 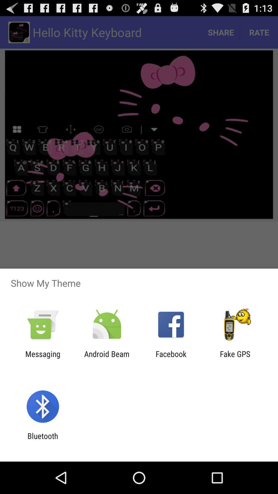 I want to click on icon next to facebook item, so click(x=235, y=358).